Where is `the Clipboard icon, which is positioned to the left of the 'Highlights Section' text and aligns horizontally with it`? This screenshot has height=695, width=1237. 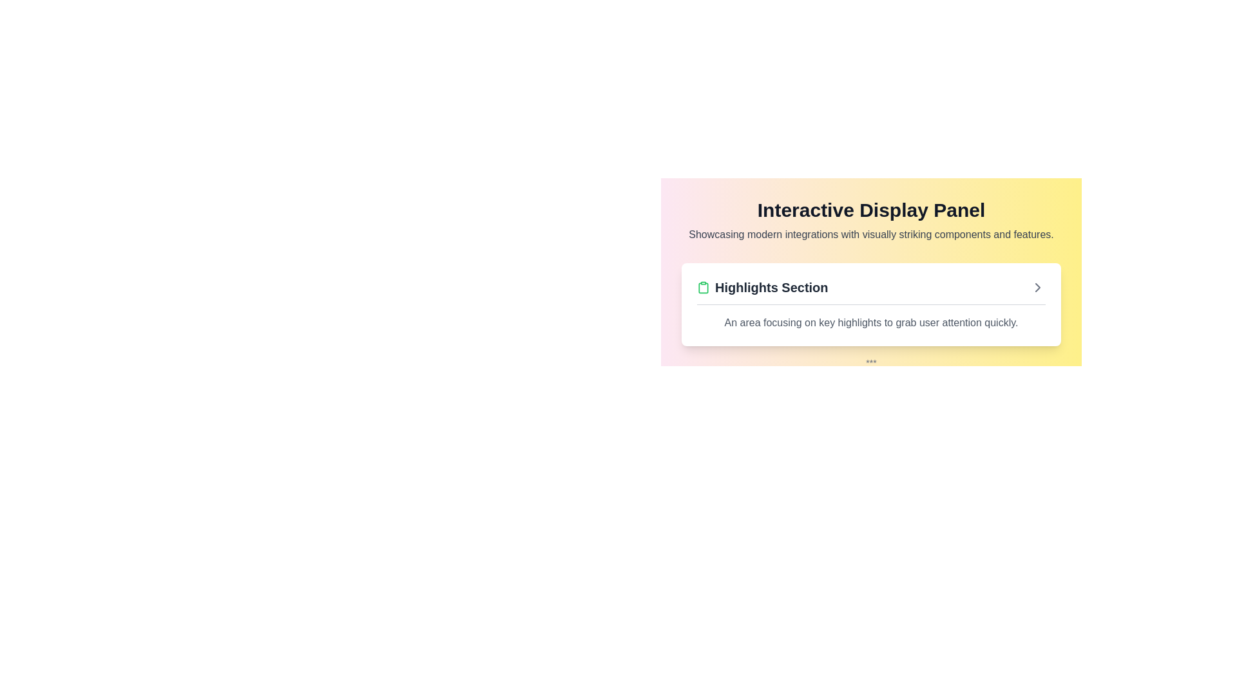
the Clipboard icon, which is positioned to the left of the 'Highlights Section' text and aligns horizontally with it is located at coordinates (702, 287).